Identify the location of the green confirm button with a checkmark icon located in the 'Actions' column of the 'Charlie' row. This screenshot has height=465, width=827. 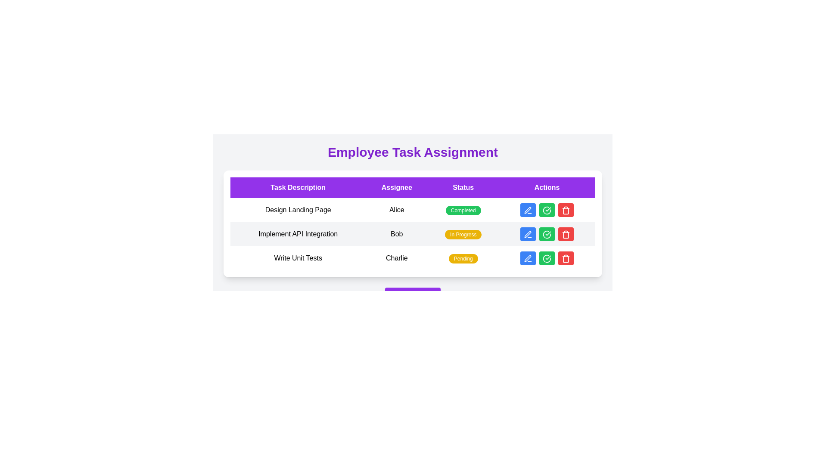
(547, 258).